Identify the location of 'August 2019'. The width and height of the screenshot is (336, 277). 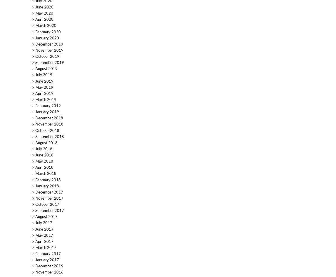
(46, 68).